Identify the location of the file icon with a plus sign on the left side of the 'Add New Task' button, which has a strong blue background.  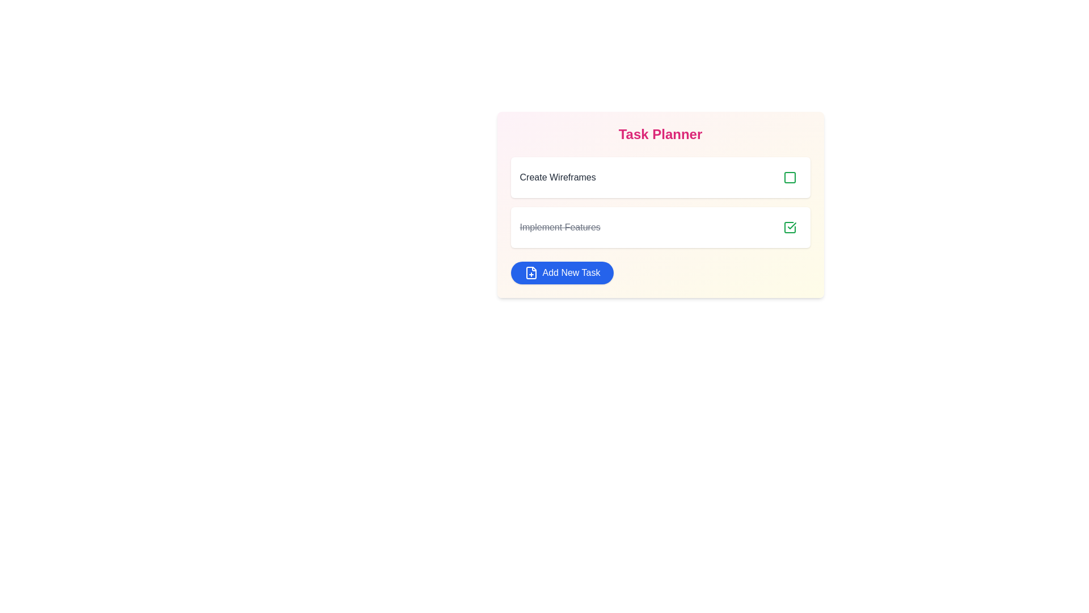
(530, 273).